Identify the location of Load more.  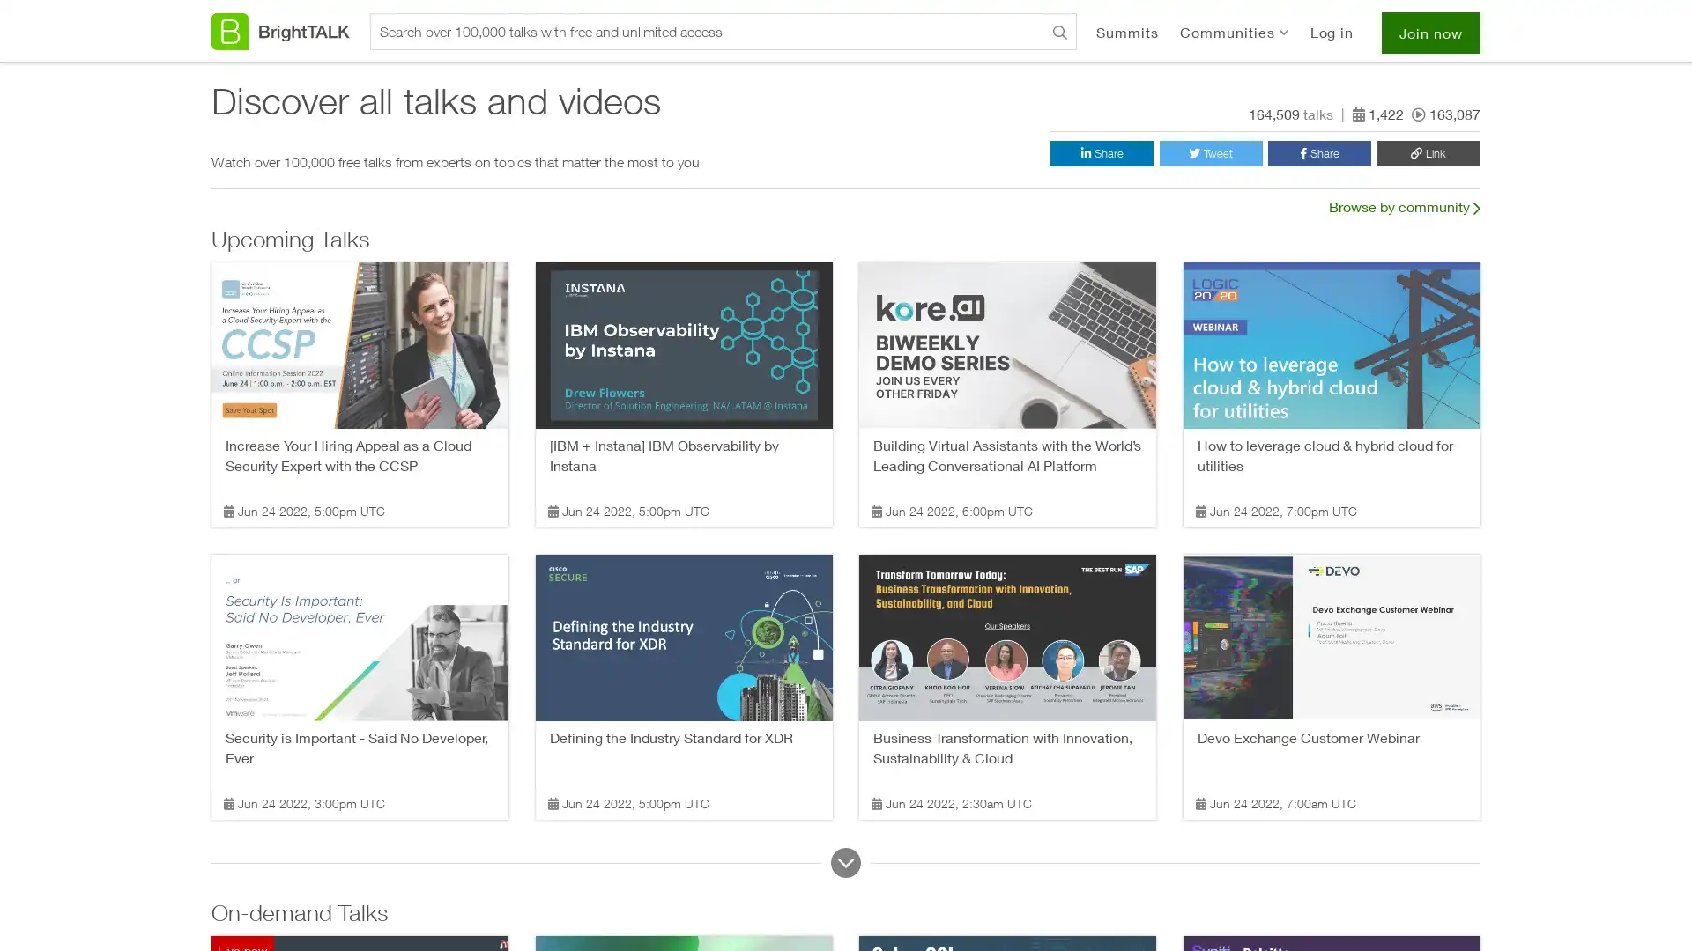
(846, 861).